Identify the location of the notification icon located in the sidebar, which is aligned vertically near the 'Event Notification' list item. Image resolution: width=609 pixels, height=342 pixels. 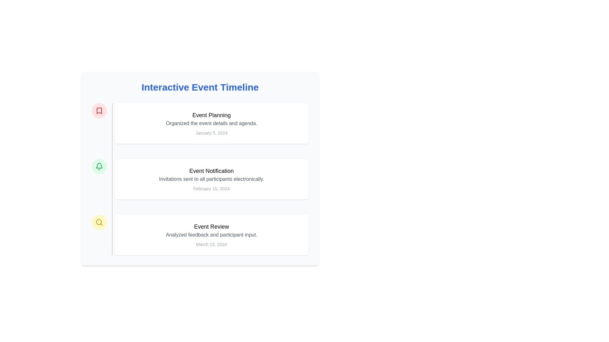
(99, 165).